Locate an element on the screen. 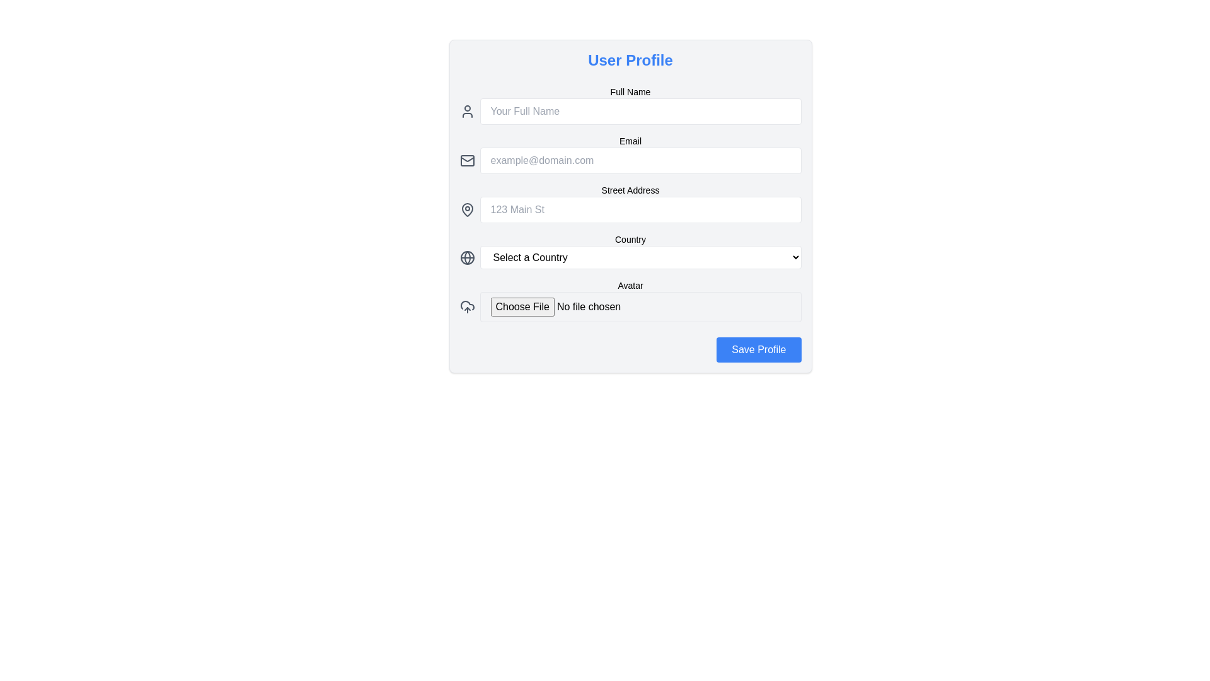  the central circular SVG element within the globe icon next to the 'Country' selection dropdown in the 'User Profile' form is located at coordinates (466, 257).